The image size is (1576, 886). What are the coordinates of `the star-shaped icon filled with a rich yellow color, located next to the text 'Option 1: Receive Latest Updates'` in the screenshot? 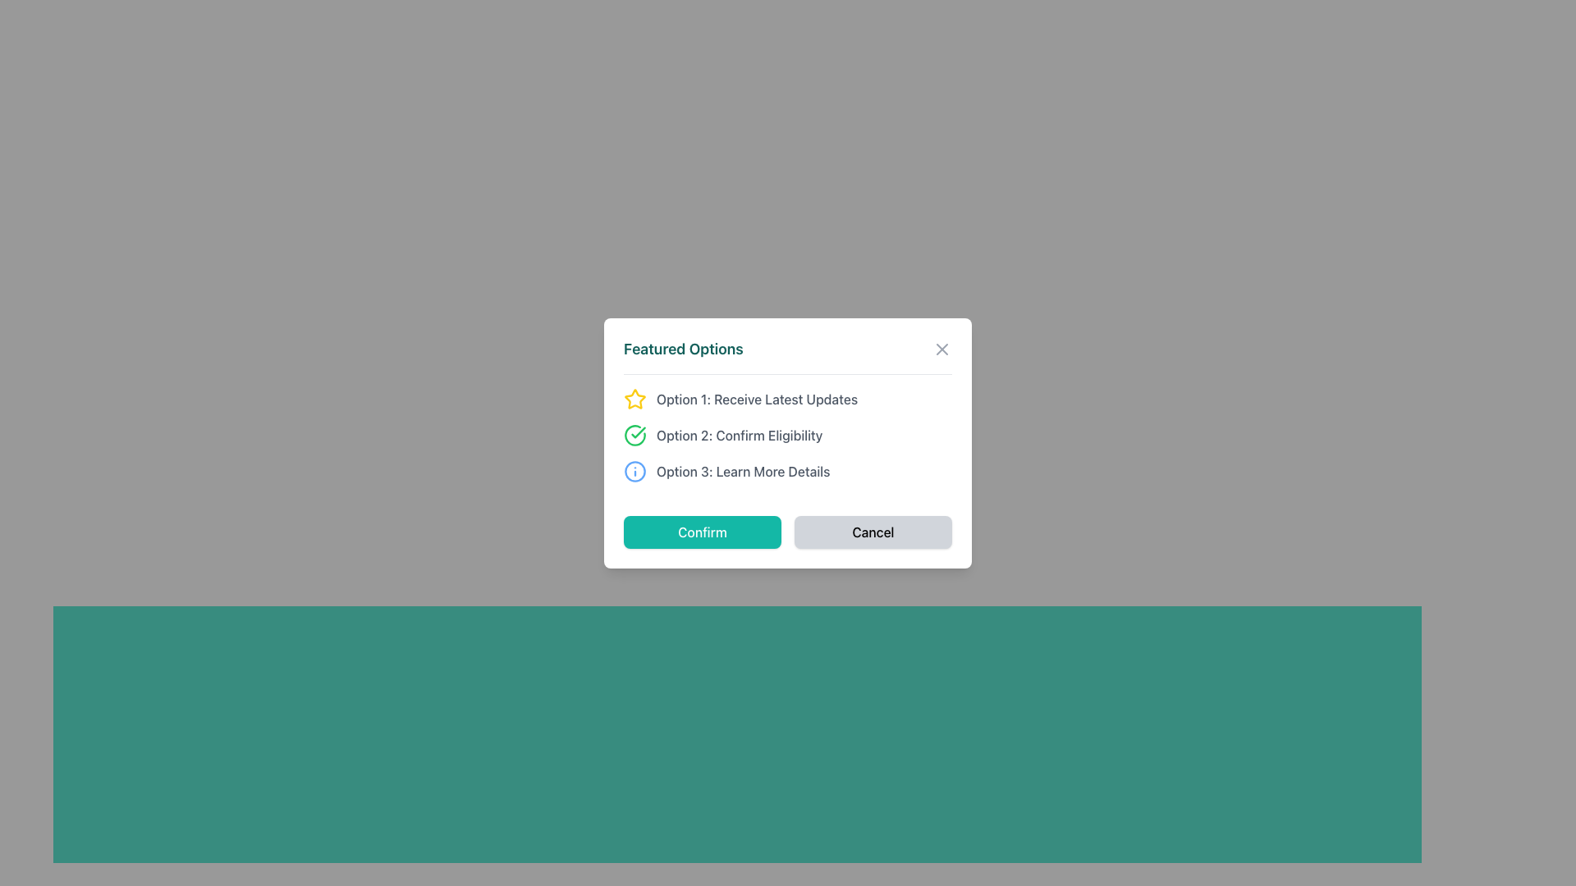 It's located at (634, 399).